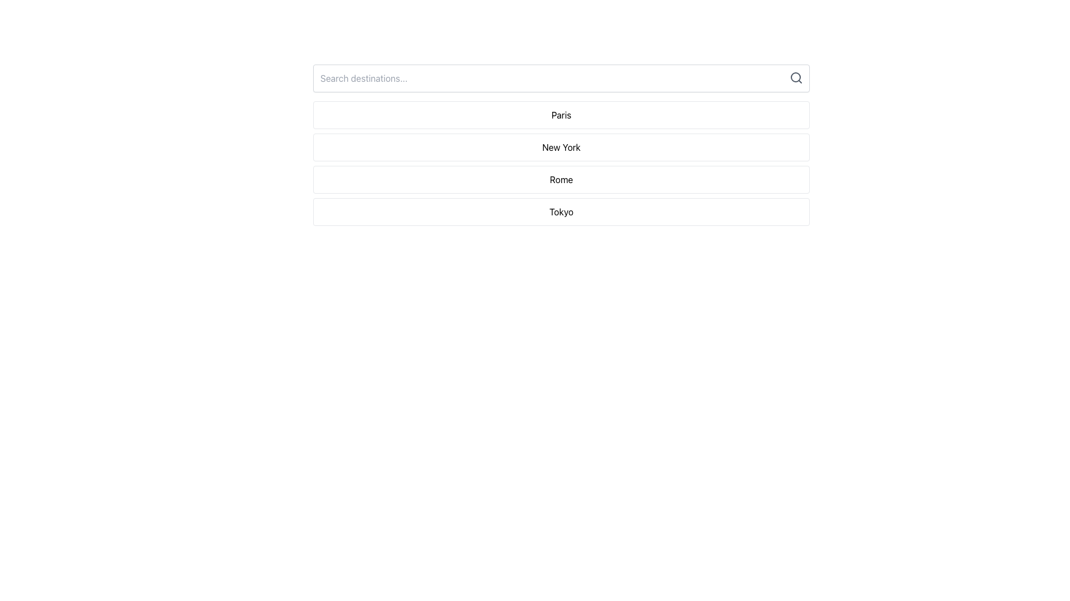  Describe the element at coordinates (795, 76) in the screenshot. I see `the Circle SVG element that represents the lens part of the search icon, aiding in the recognition of the input field's purpose` at that location.